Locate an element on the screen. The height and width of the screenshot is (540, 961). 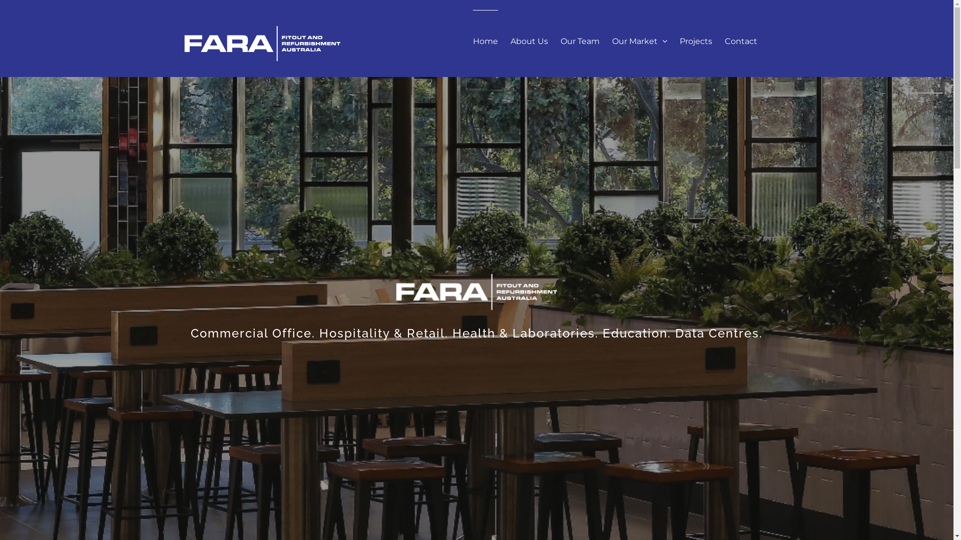
'Our Team' is located at coordinates (580, 40).